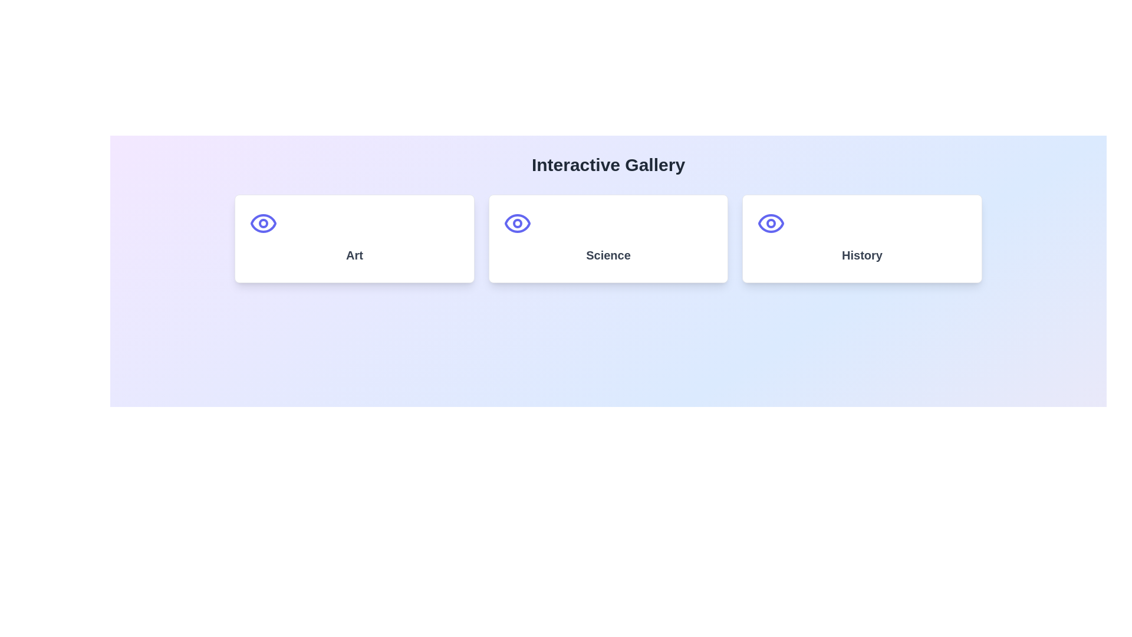  What do you see at coordinates (862, 254) in the screenshot?
I see `the 'History' text label, which is a bold, larger font size in gray color, located below an eye-shaped icon in the Interactive Gallery section of the card layout` at bounding box center [862, 254].